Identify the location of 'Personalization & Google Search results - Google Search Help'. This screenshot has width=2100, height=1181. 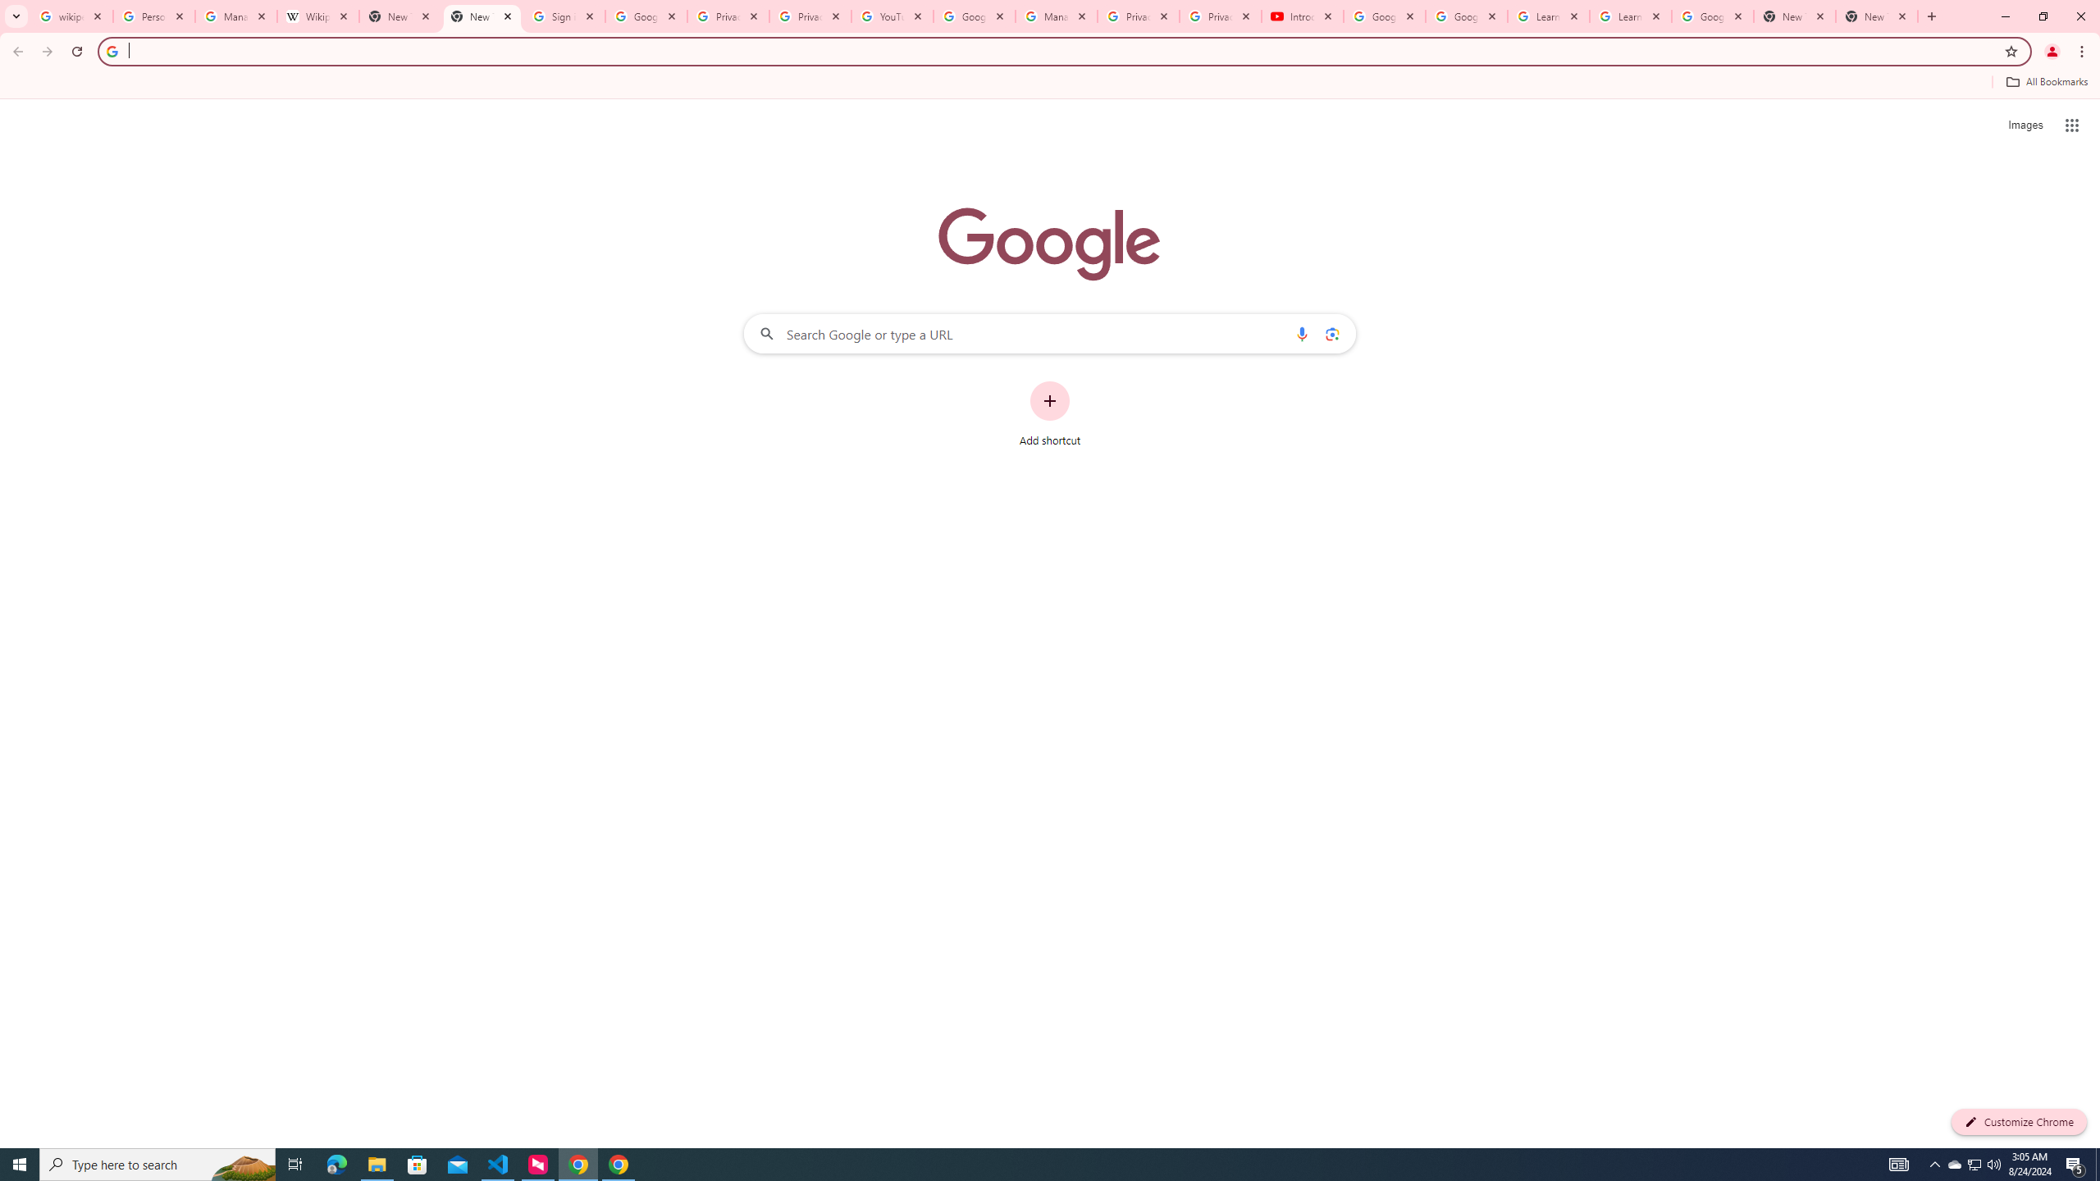
(153, 16).